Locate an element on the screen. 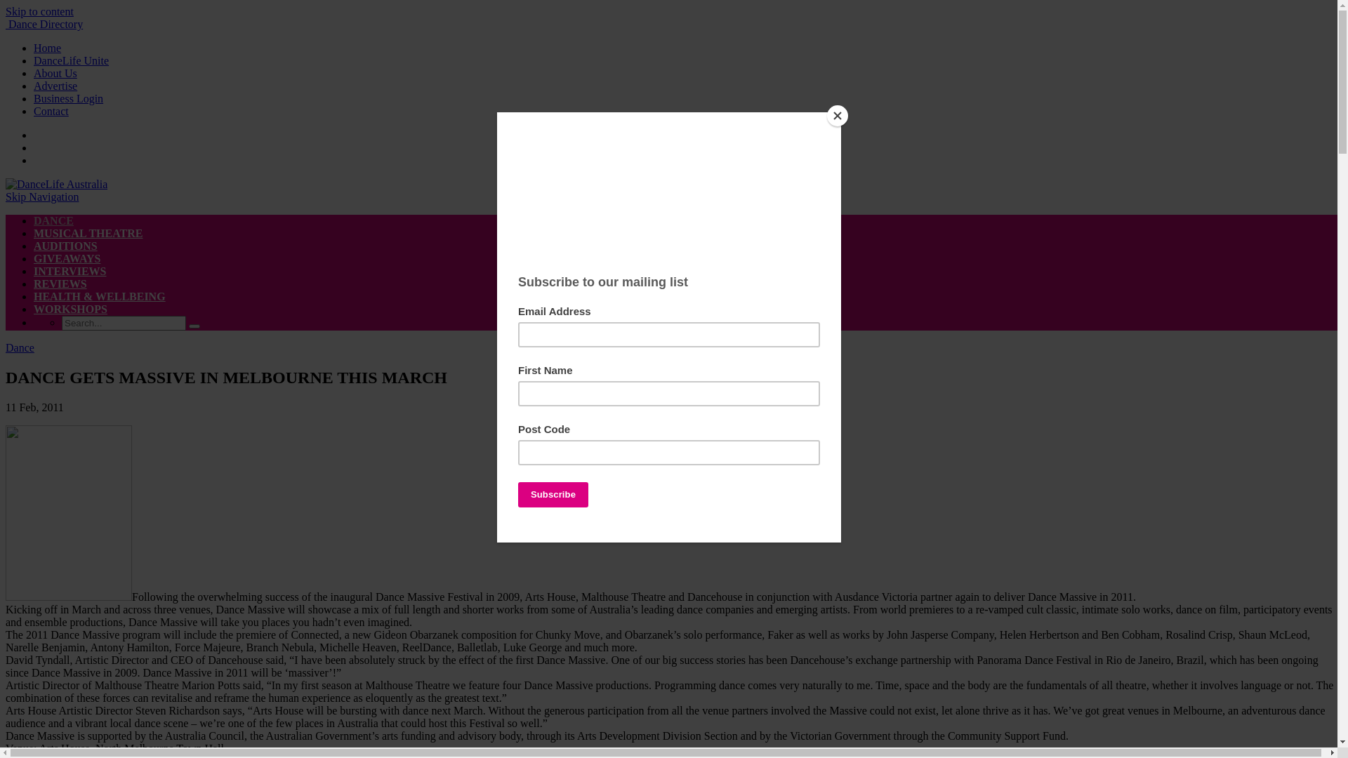 The height and width of the screenshot is (758, 1348). ' Dance Directory' is located at coordinates (44, 24).